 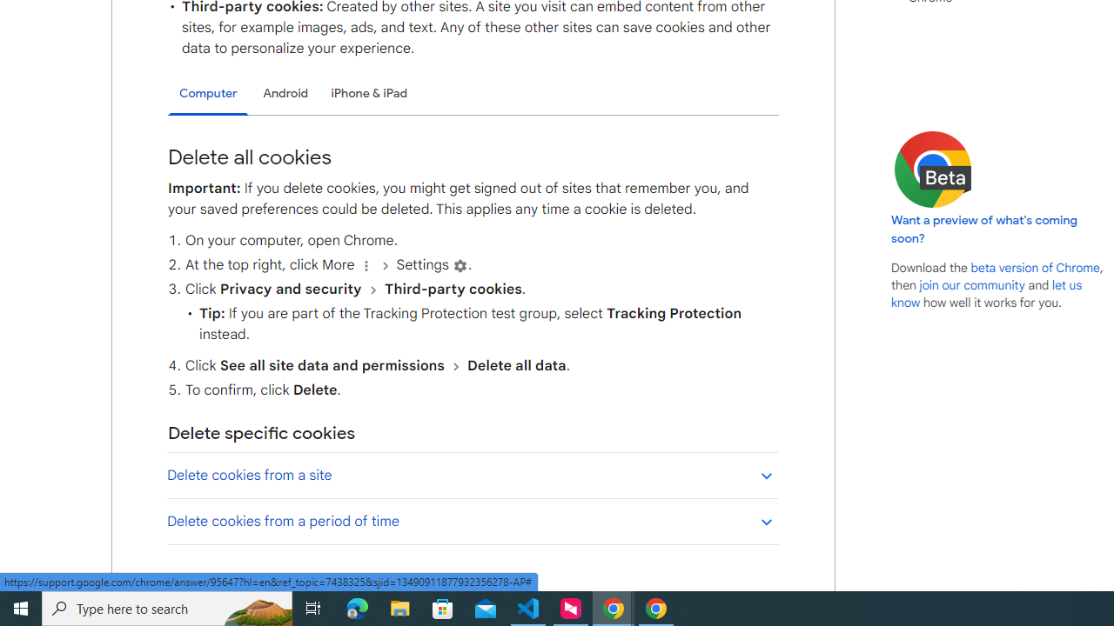 What do you see at coordinates (285, 93) in the screenshot?
I see `'Android'` at bounding box center [285, 93].